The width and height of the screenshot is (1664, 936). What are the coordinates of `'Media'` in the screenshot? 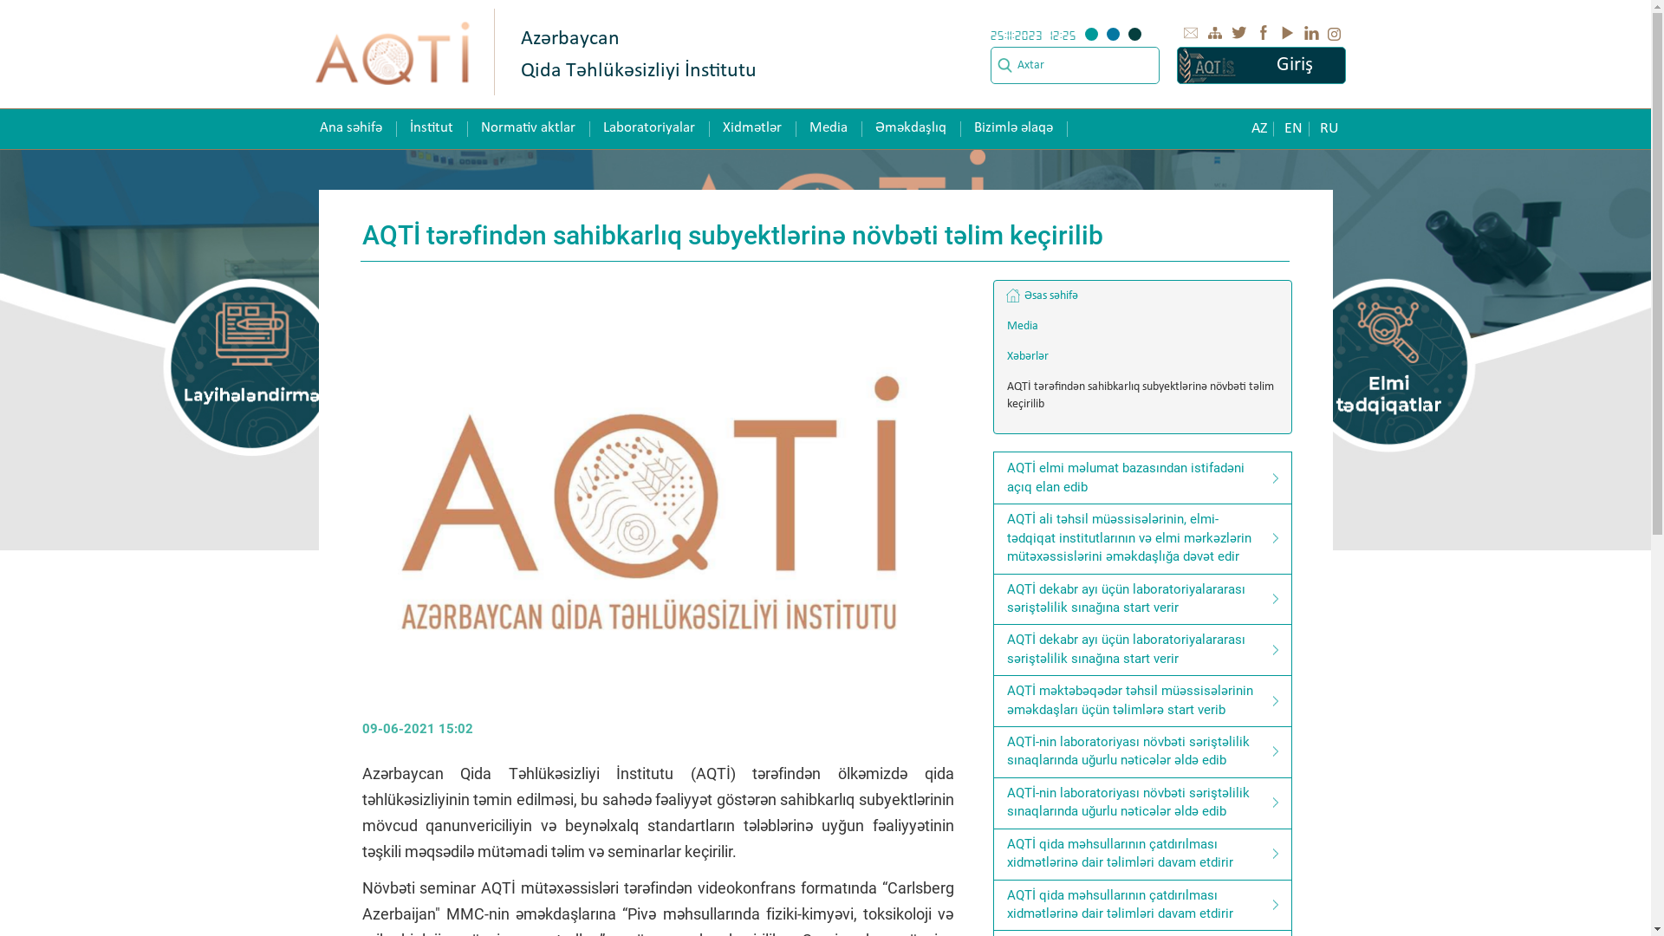 It's located at (1142, 327).